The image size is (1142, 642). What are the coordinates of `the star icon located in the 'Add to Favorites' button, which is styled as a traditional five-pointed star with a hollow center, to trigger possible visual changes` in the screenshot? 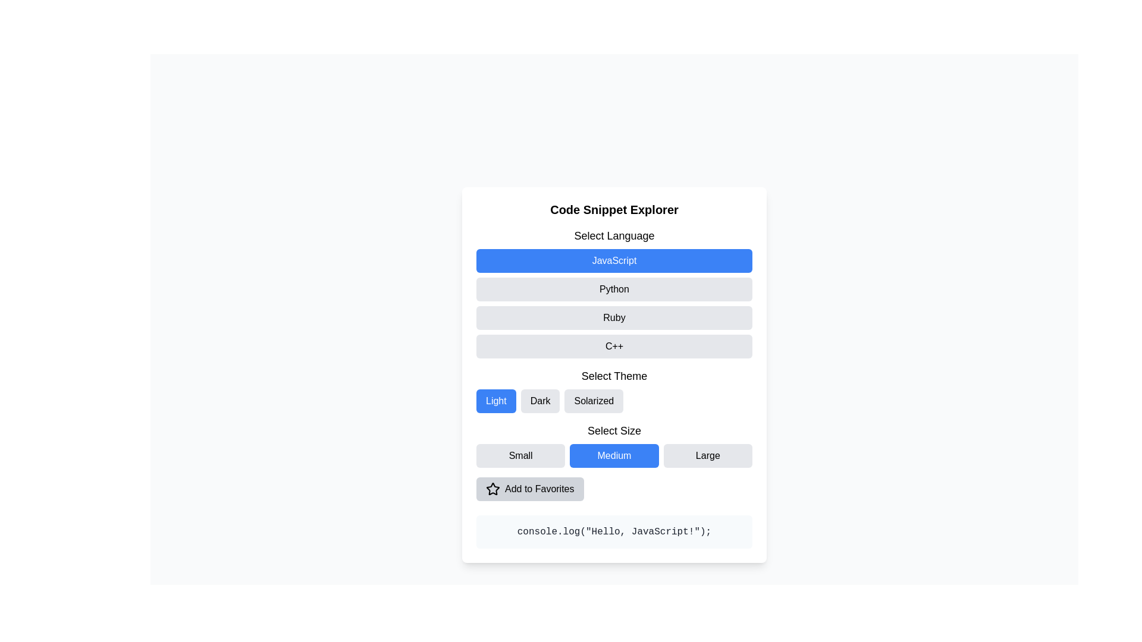 It's located at (493, 489).